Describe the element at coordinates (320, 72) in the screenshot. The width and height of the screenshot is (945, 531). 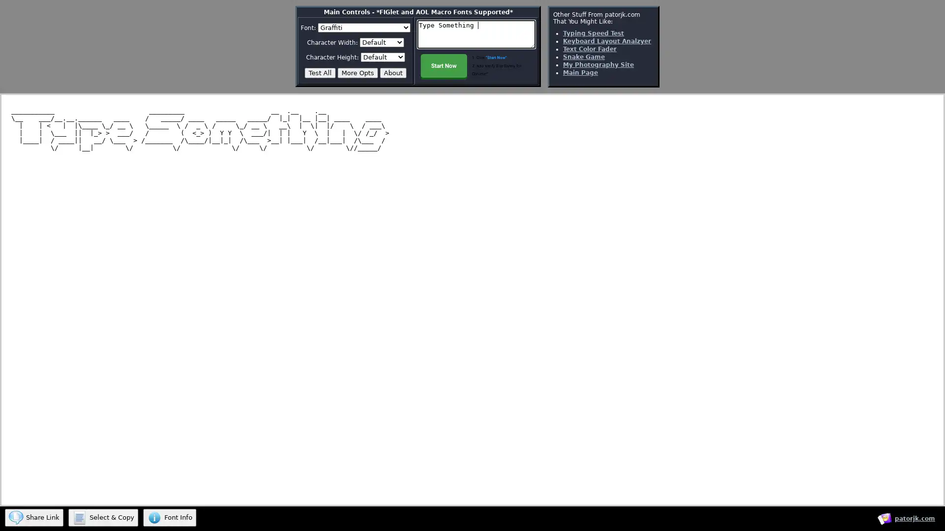
I see `Test All` at that location.